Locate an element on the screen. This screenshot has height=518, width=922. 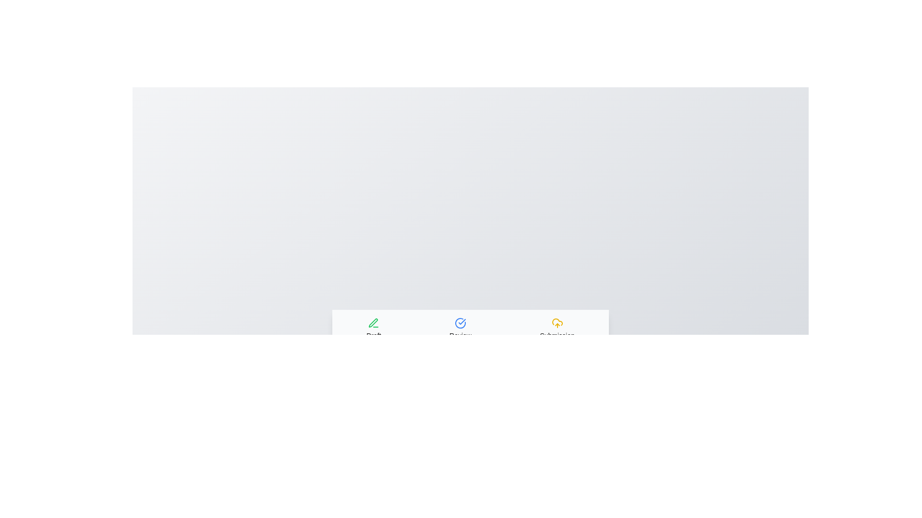
the Draft tab to view its content is located at coordinates (373, 328).